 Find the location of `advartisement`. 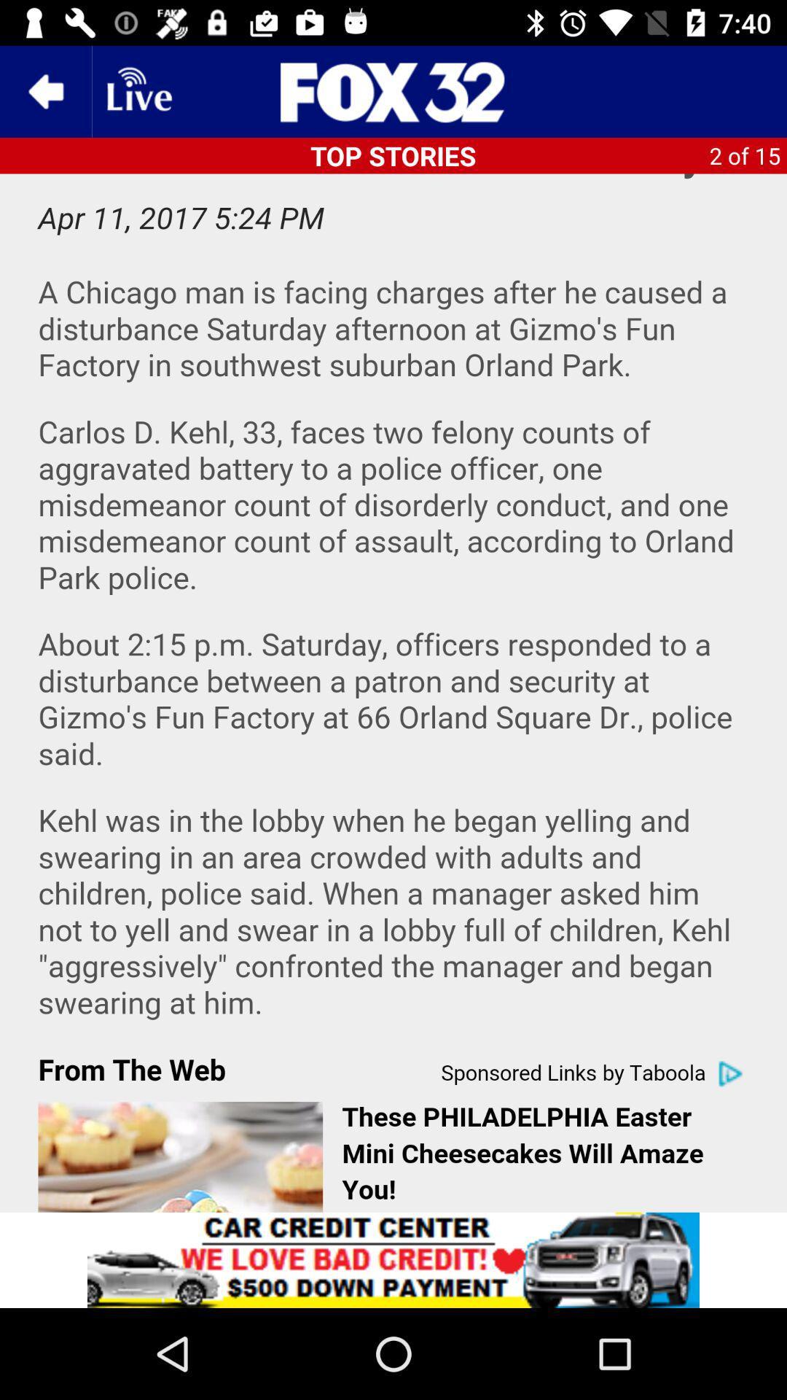

advartisement is located at coordinates (393, 1259).